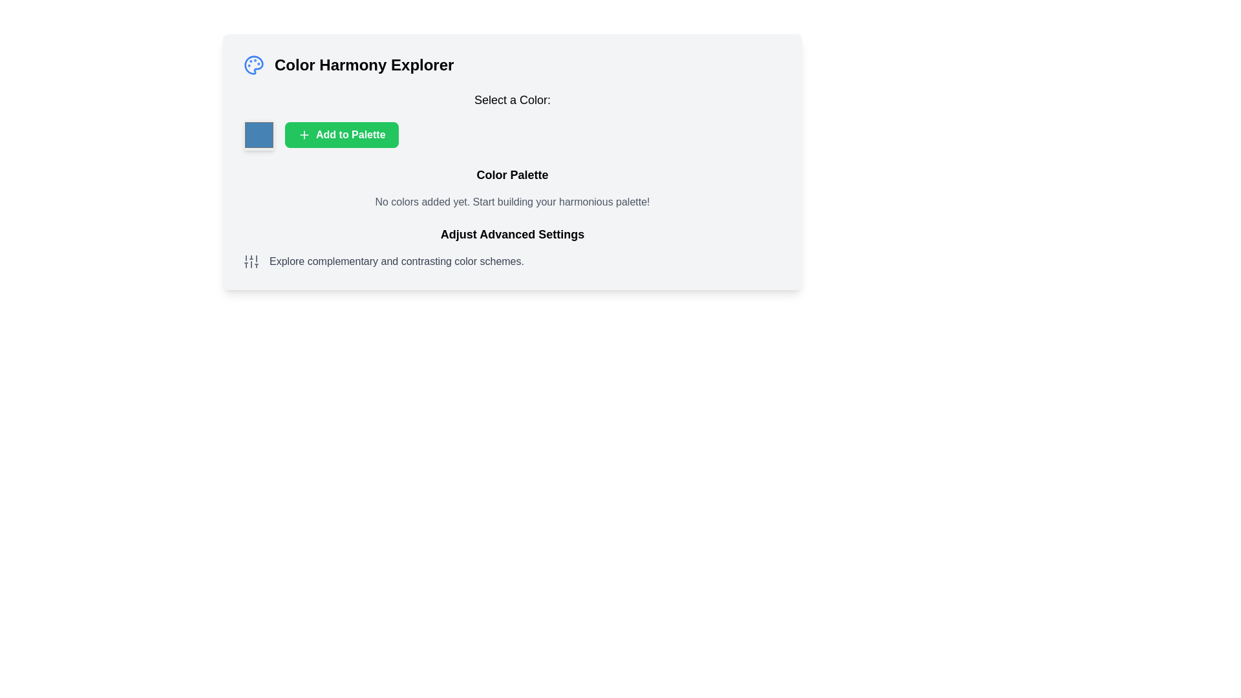 This screenshot has width=1241, height=698. What do you see at coordinates (511, 174) in the screenshot?
I see `text heading 'Color Palette' which is bold, large, and prominently displayed at the top of the section labeled 'Color Palette'` at bounding box center [511, 174].